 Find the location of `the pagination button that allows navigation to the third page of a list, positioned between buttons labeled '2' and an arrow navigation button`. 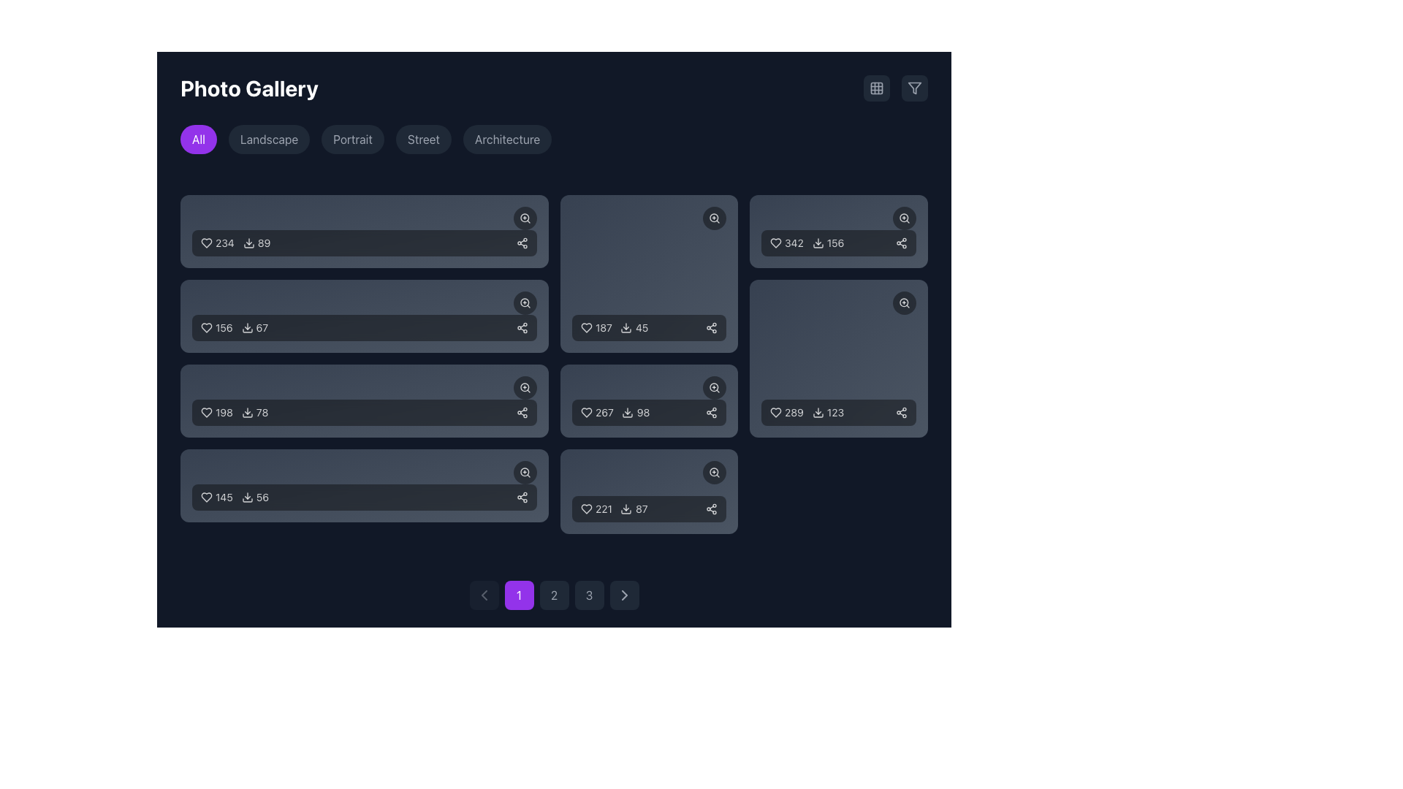

the pagination button that allows navigation to the third page of a list, positioned between buttons labeled '2' and an arrow navigation button is located at coordinates (589, 595).